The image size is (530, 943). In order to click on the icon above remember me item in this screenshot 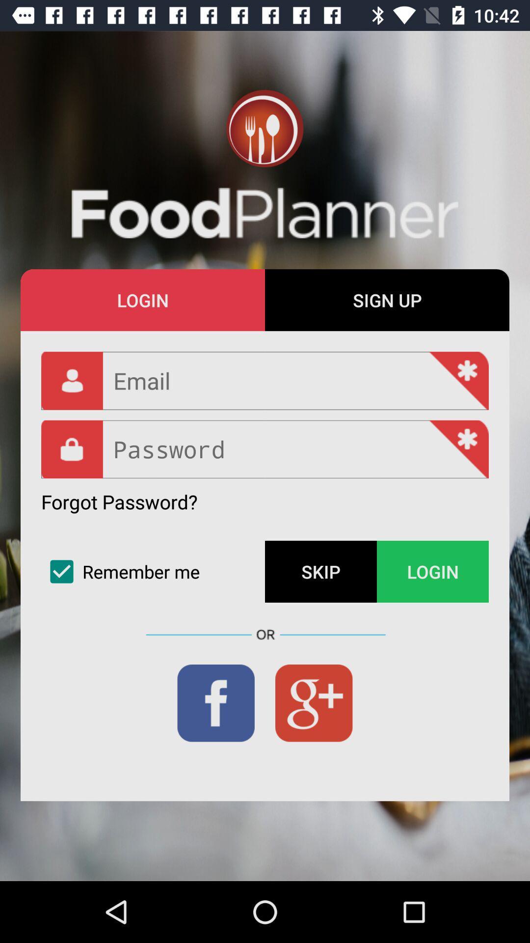, I will do `click(119, 501)`.